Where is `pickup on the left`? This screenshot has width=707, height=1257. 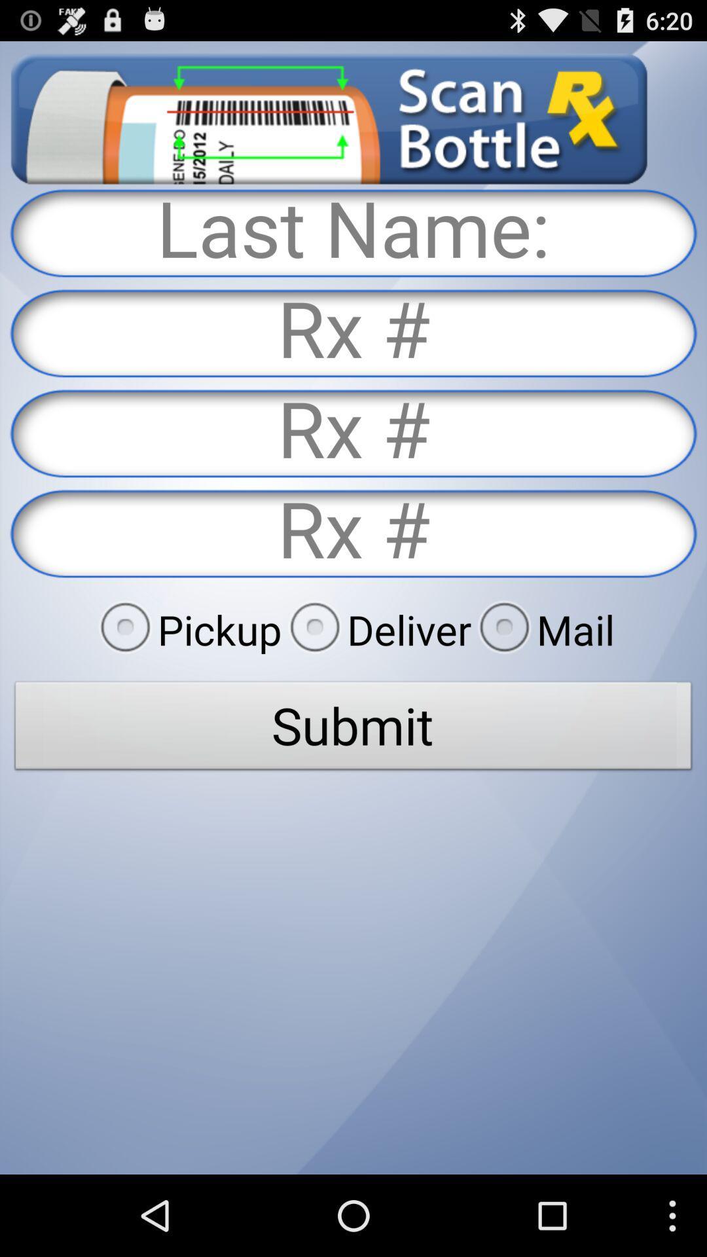
pickup on the left is located at coordinates (187, 629).